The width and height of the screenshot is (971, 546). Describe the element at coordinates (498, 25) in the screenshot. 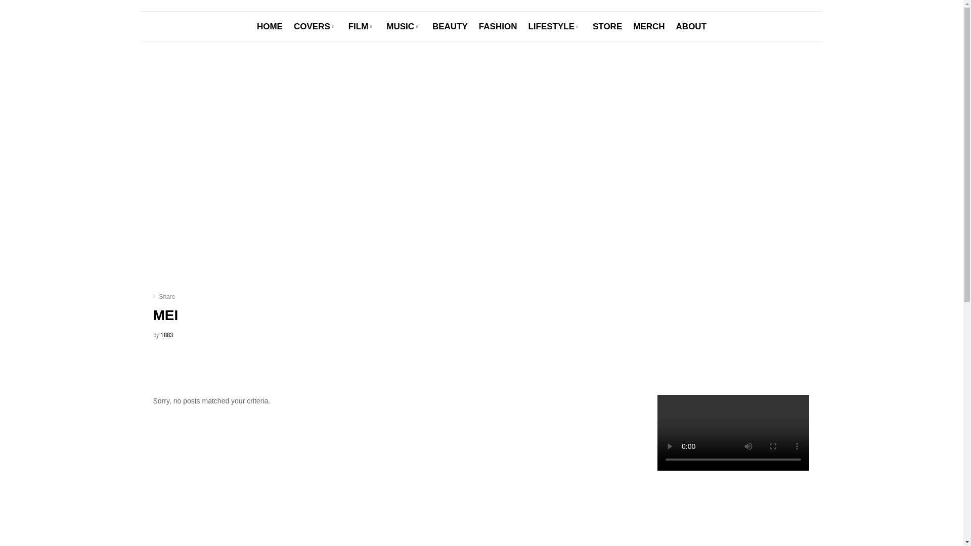

I see `'FASHION'` at that location.